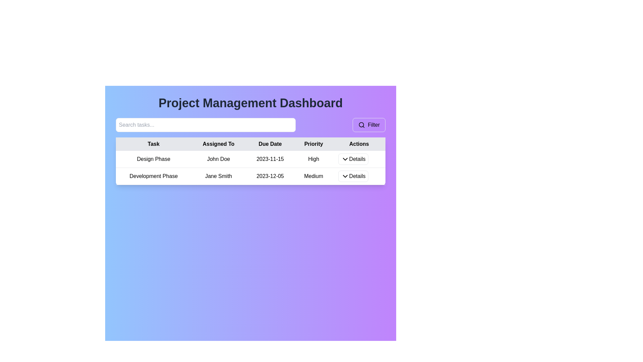  What do you see at coordinates (218, 176) in the screenshot?
I see `the static text element displaying 'Jane Smith' located in the second row of the table under the 'Assigned To' column` at bounding box center [218, 176].